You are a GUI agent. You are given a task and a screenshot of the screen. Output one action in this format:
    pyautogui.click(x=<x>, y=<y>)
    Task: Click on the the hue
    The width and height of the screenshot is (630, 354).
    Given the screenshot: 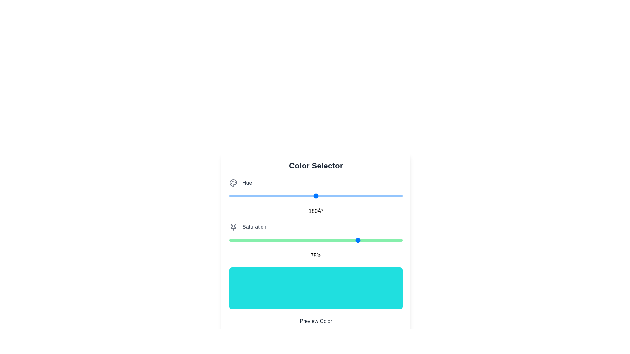 What is the action you would take?
    pyautogui.click(x=256, y=195)
    